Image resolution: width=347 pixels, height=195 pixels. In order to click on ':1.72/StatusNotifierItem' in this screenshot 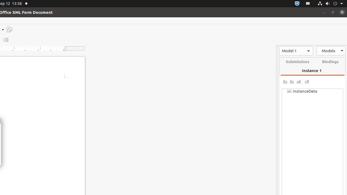, I will do `click(297, 4)`.